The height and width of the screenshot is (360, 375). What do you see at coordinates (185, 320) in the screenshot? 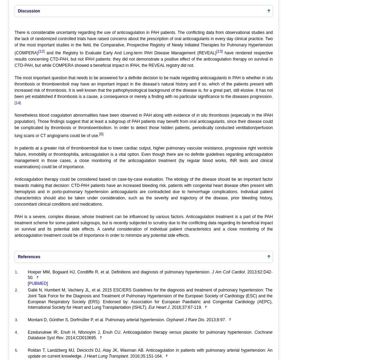
I see `'Orphanet J Rare Dis'` at bounding box center [185, 320].